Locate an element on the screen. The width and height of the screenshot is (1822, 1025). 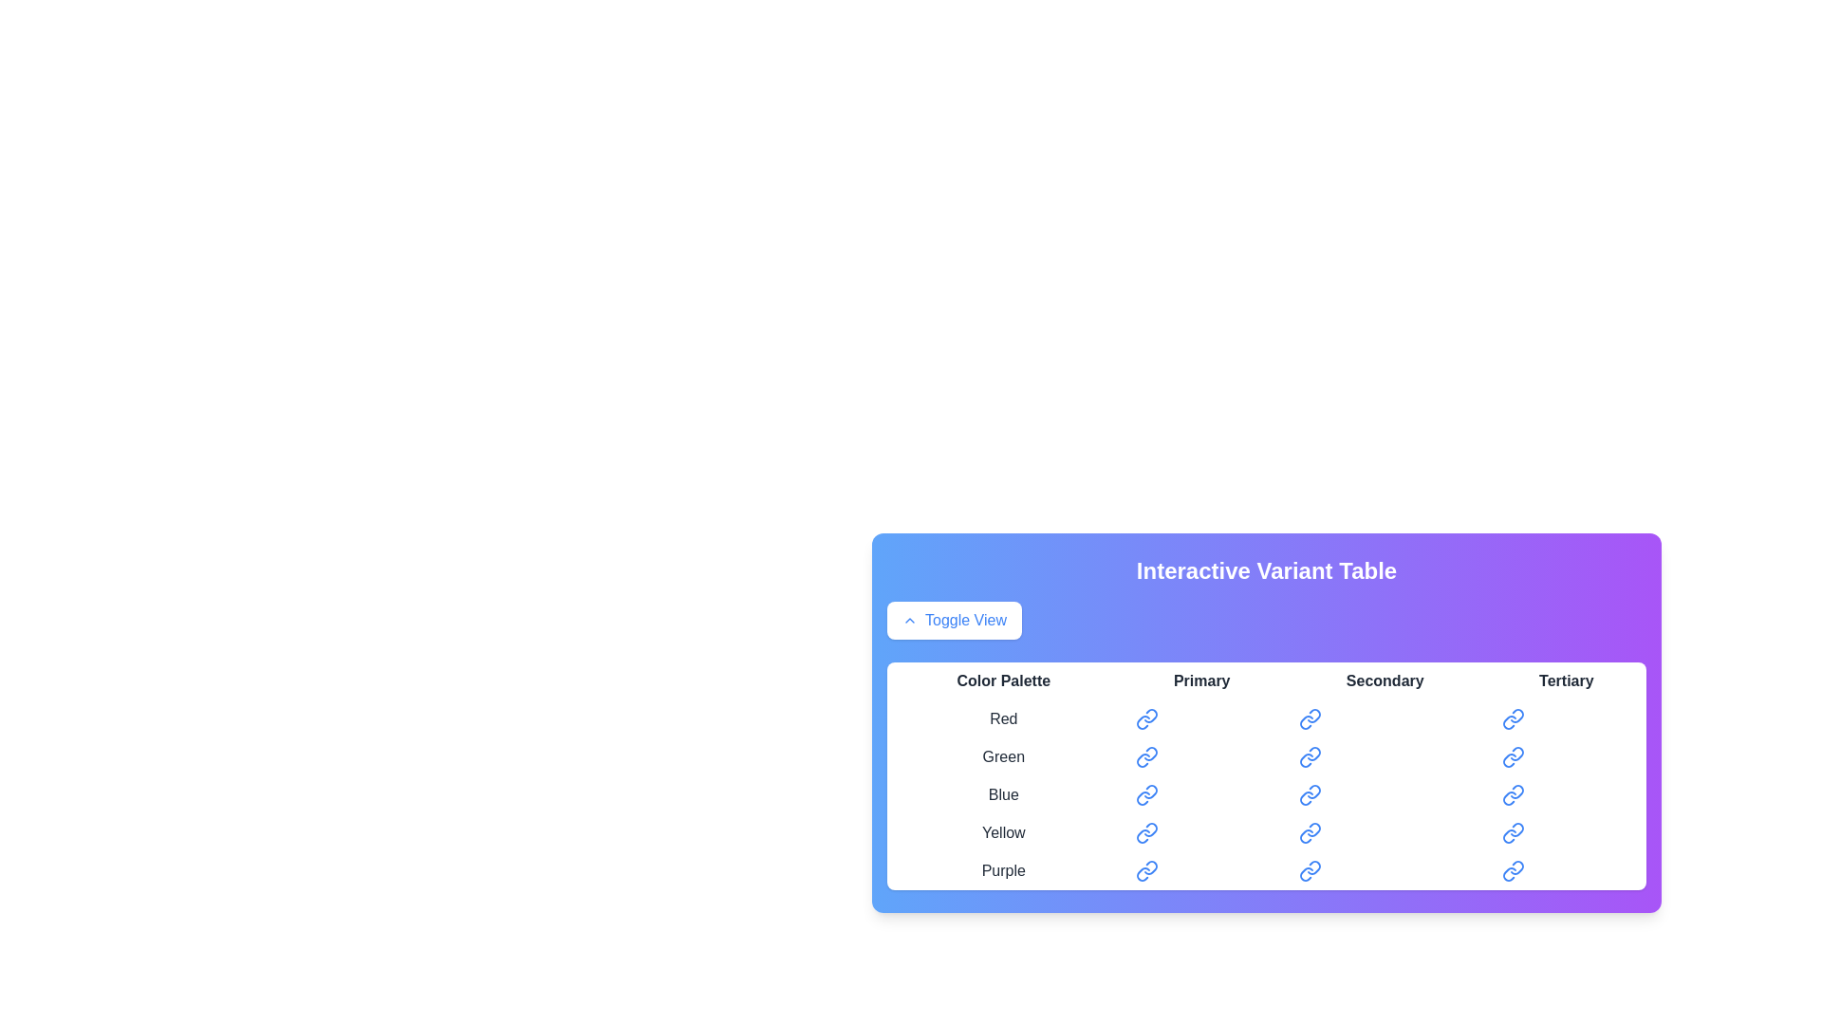
the text label 'Secondary - Red' which is styled with padding and represents a link, located in the third cell of the 'Red' color palette row under the 'Secondary' column is located at coordinates (1385, 719).